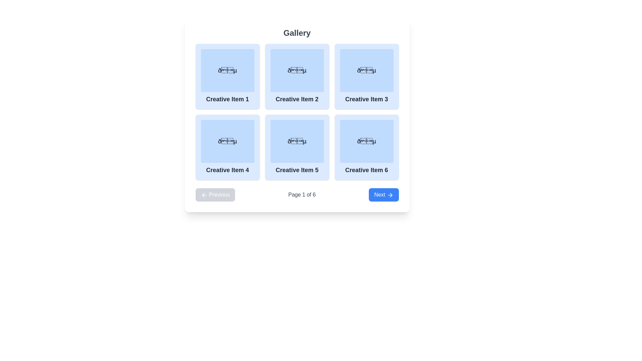 Image resolution: width=642 pixels, height=361 pixels. I want to click on the right-pointing arrow icon located within the blue 'Next' button, positioned at the bottom-right corner of the layout, so click(390, 195).